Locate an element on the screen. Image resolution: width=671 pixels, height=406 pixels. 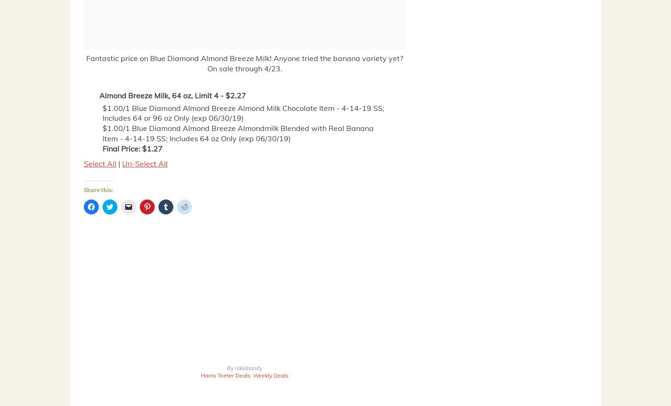
'Final Price:' is located at coordinates (122, 148).